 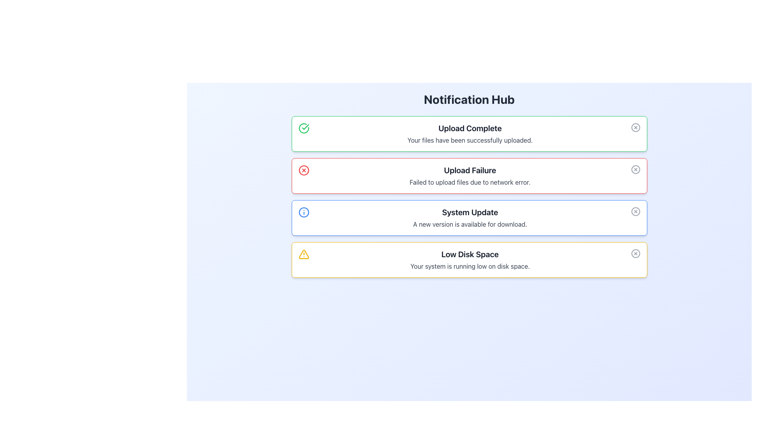 What do you see at coordinates (635, 211) in the screenshot?
I see `the gray circular close button with an 'X' shape located at the far right of the 'System Update' notification` at bounding box center [635, 211].